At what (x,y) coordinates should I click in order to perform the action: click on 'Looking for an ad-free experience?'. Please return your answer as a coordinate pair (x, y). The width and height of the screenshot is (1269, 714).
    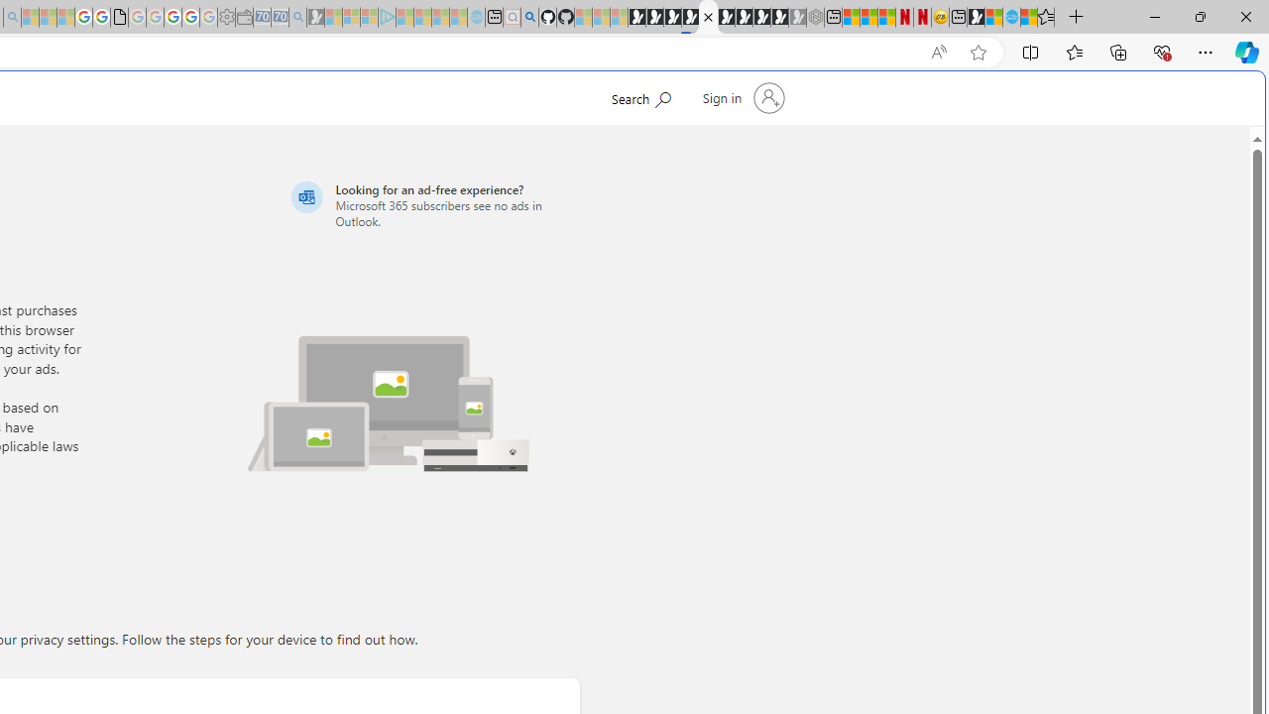
    Looking at the image, I should click on (431, 204).